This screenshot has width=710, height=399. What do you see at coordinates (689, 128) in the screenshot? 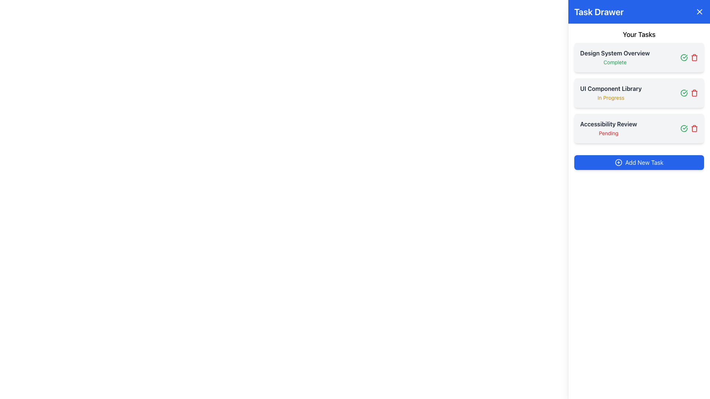
I see `the red icon in the Interactive icon group` at bounding box center [689, 128].